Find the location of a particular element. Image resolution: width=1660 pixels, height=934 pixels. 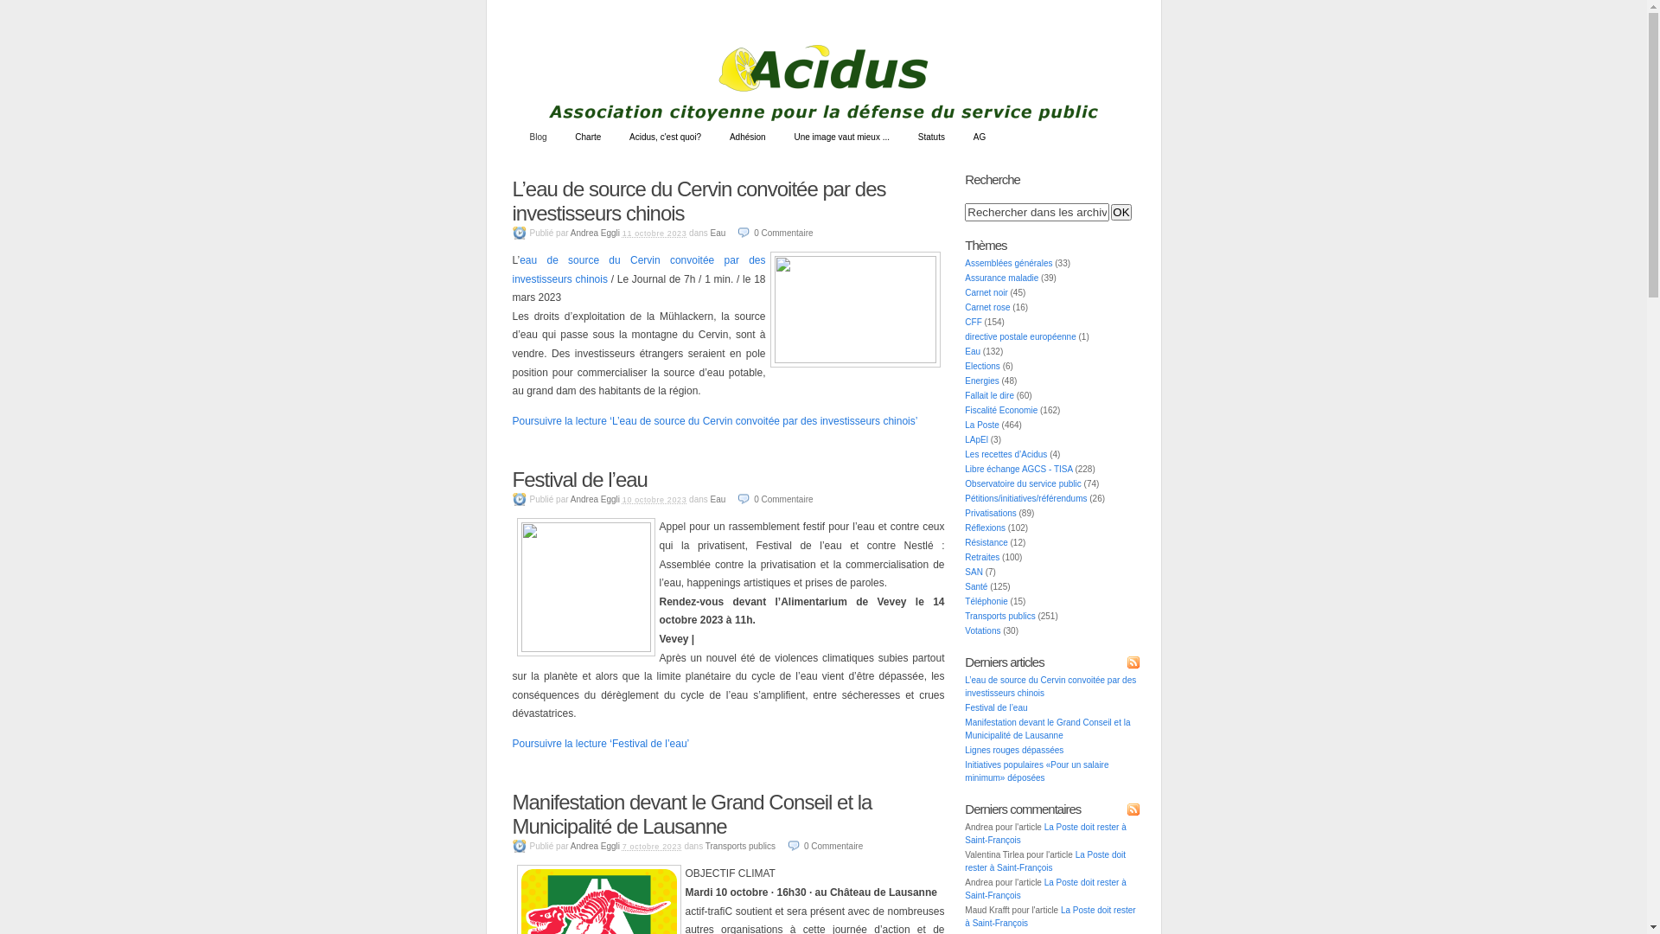

'Andrea Eggli' is located at coordinates (571, 232).